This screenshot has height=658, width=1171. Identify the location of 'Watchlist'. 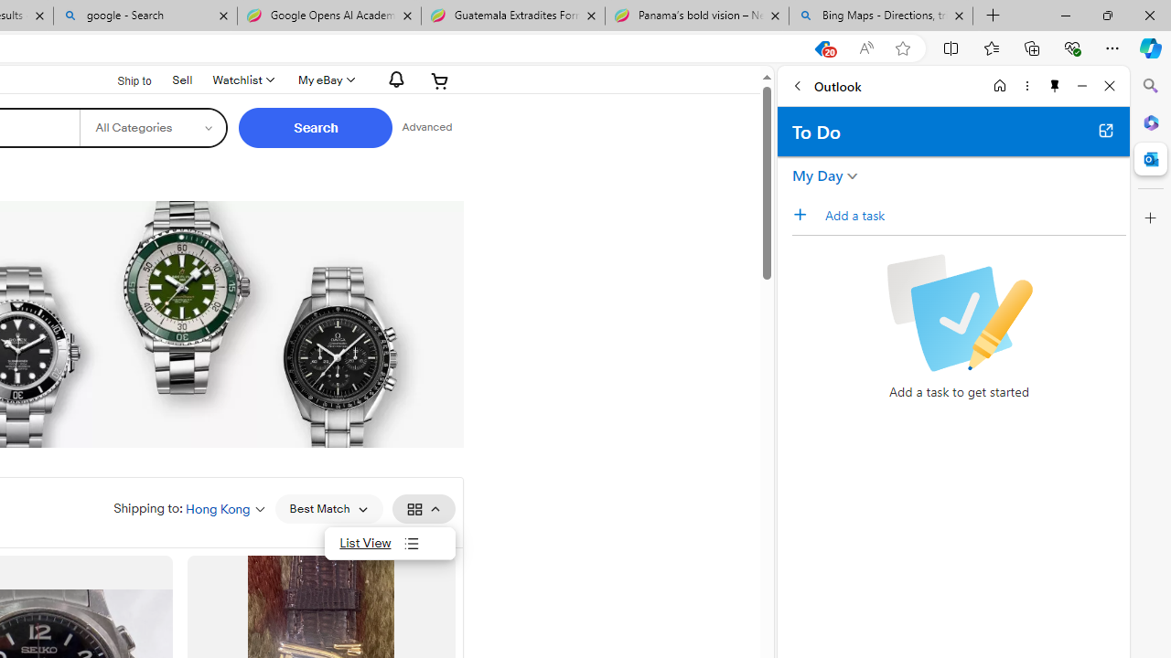
(241, 80).